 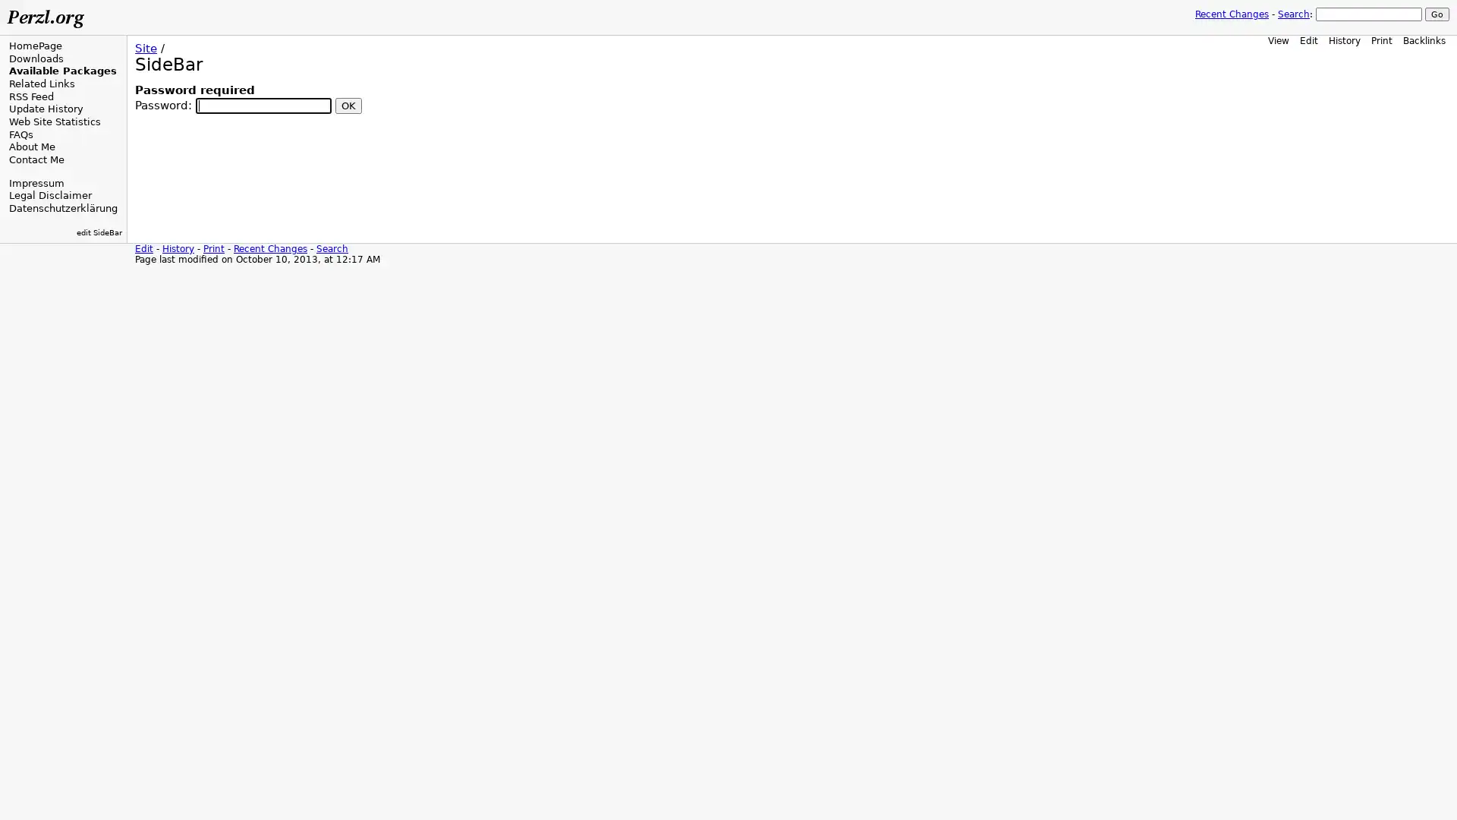 What do you see at coordinates (348, 104) in the screenshot?
I see `OK` at bounding box center [348, 104].